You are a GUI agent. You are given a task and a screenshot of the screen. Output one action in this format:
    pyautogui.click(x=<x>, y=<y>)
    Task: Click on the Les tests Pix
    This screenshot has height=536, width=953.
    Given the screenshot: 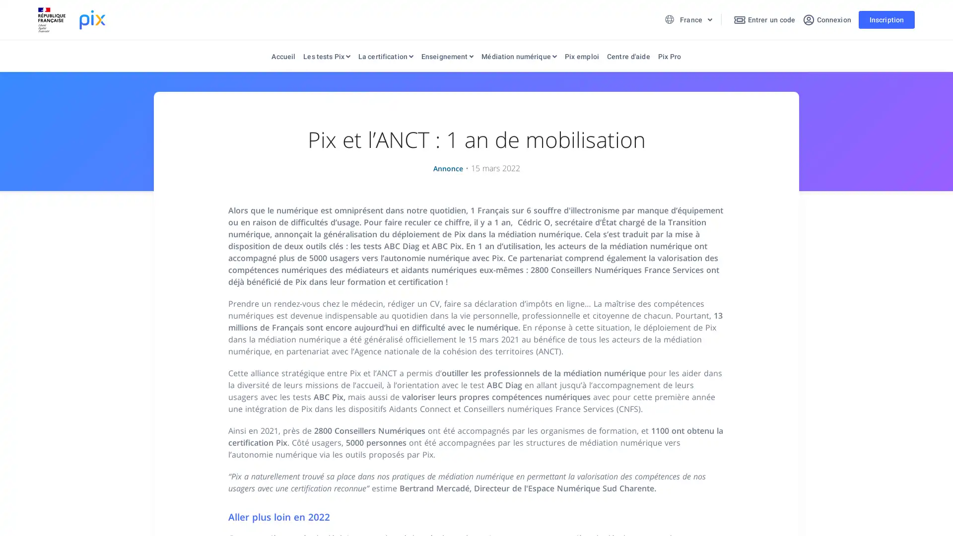 What is the action you would take?
    pyautogui.click(x=326, y=59)
    